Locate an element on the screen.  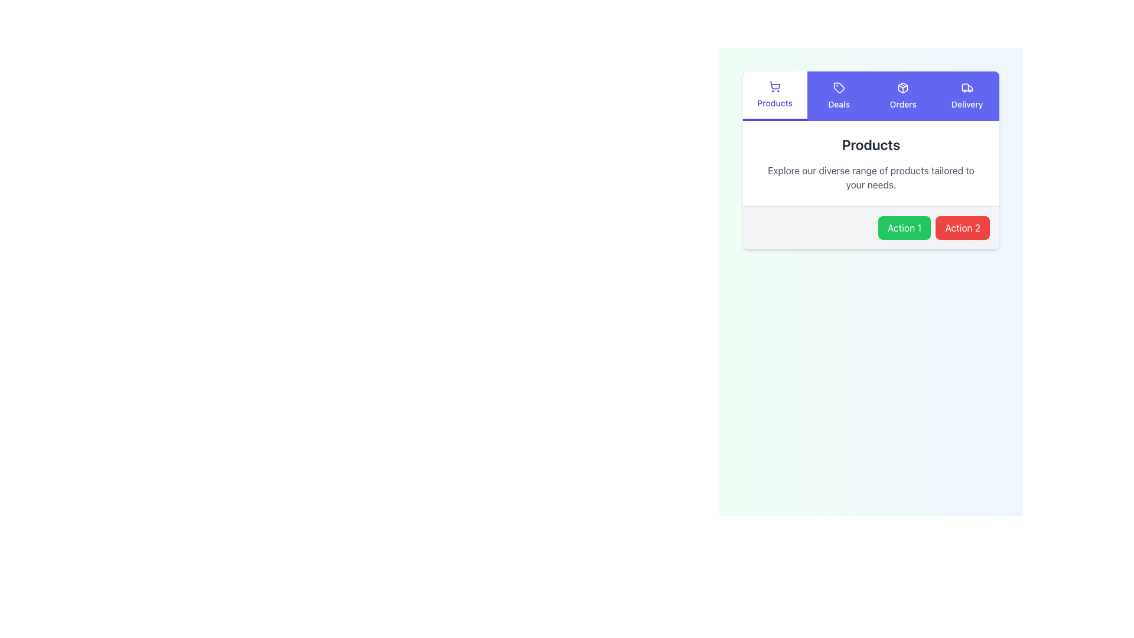
the first navigation tab in the horizontal navigation bar is located at coordinates (774, 95).